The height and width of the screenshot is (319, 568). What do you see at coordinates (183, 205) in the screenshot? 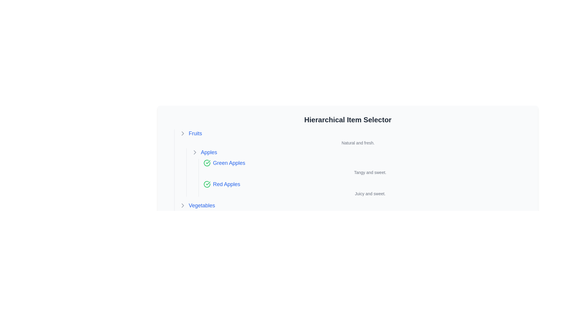
I see `the right-pointing chevron icon located to the left of the 'Vegetables' text` at bounding box center [183, 205].